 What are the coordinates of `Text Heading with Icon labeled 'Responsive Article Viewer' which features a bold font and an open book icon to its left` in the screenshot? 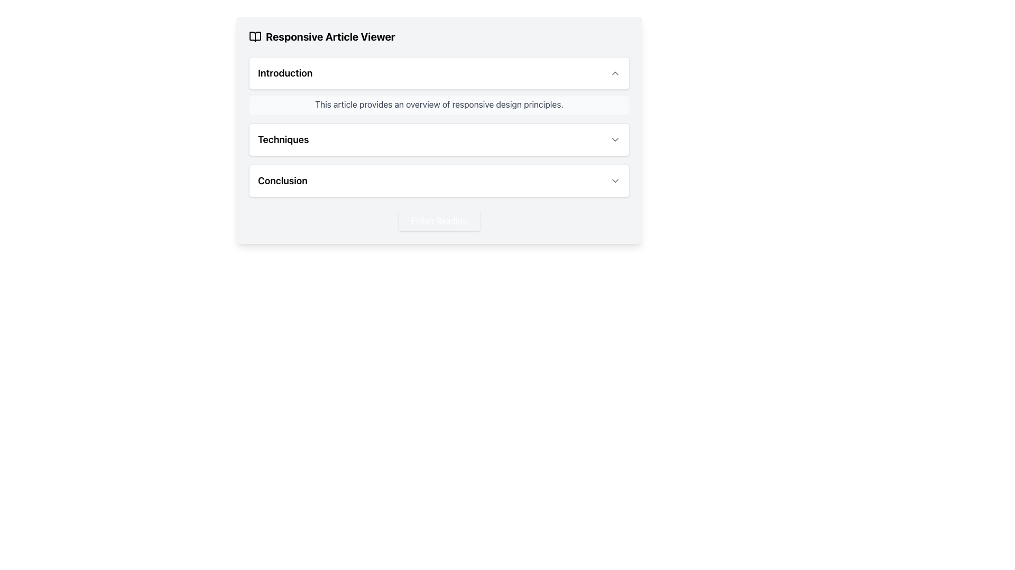 It's located at (439, 36).